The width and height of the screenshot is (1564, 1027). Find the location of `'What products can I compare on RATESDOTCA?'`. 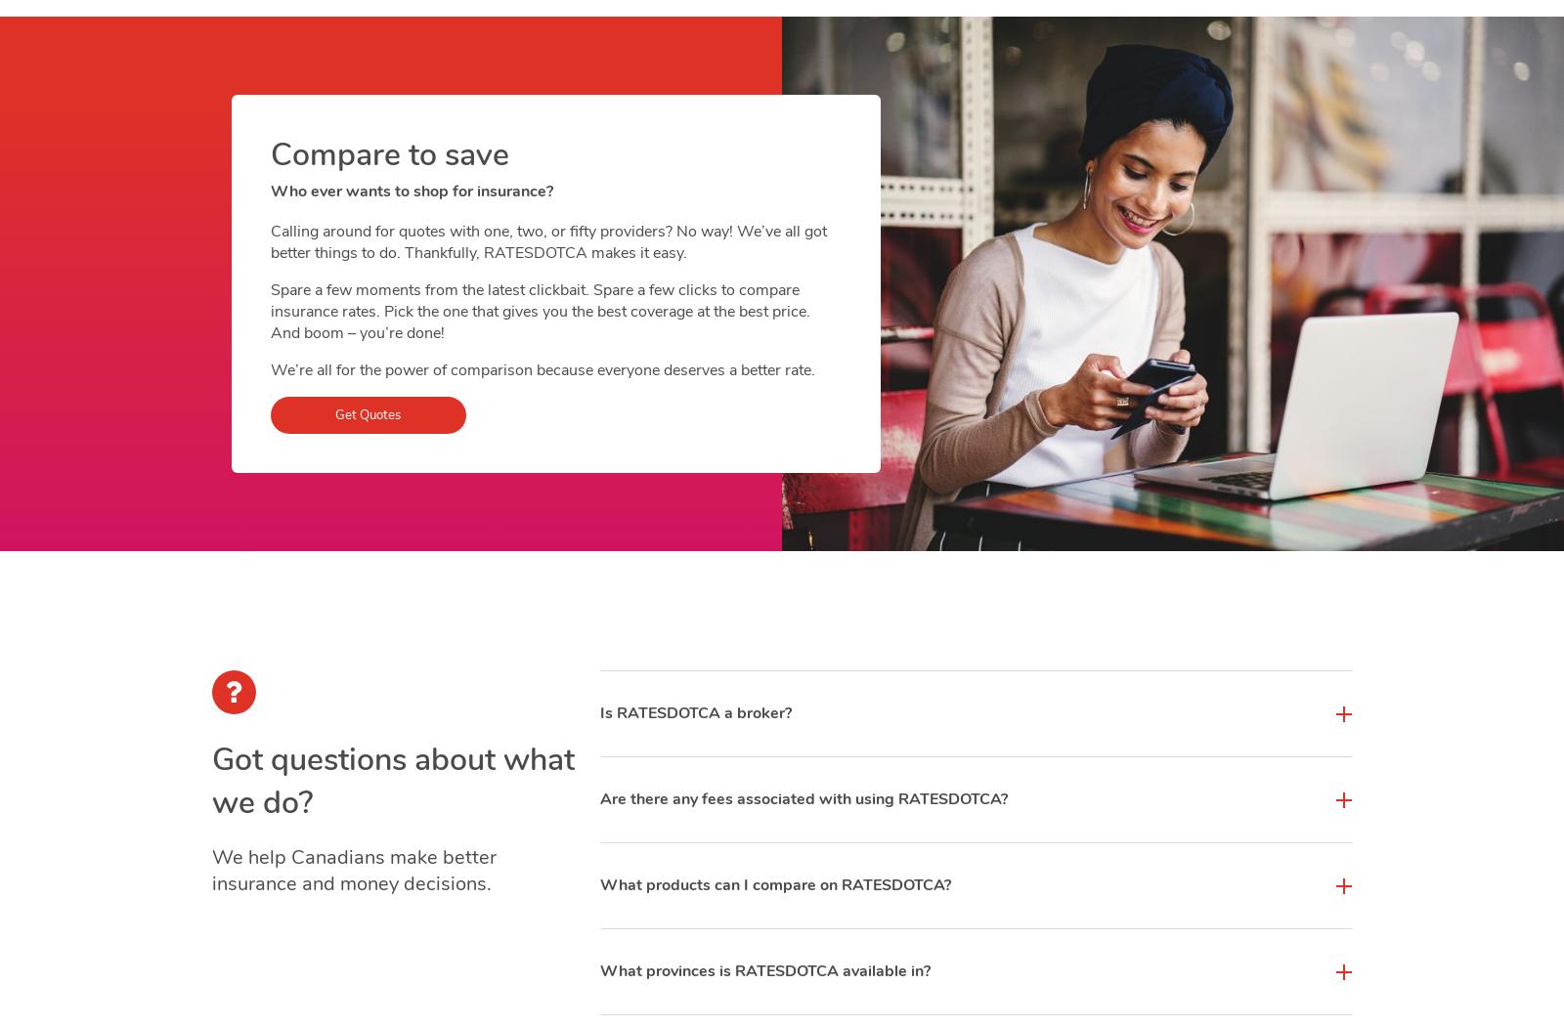

'What products can I compare on RATESDOTCA?' is located at coordinates (774, 884).